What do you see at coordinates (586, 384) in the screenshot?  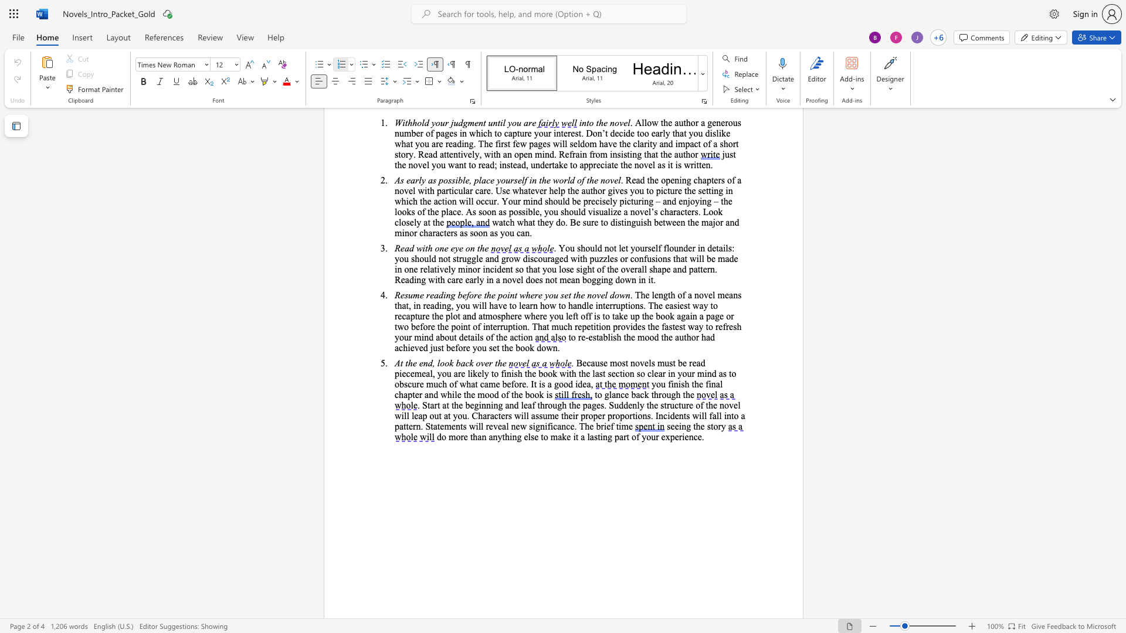 I see `the space between the continuous character "e" and "a" in the text` at bounding box center [586, 384].